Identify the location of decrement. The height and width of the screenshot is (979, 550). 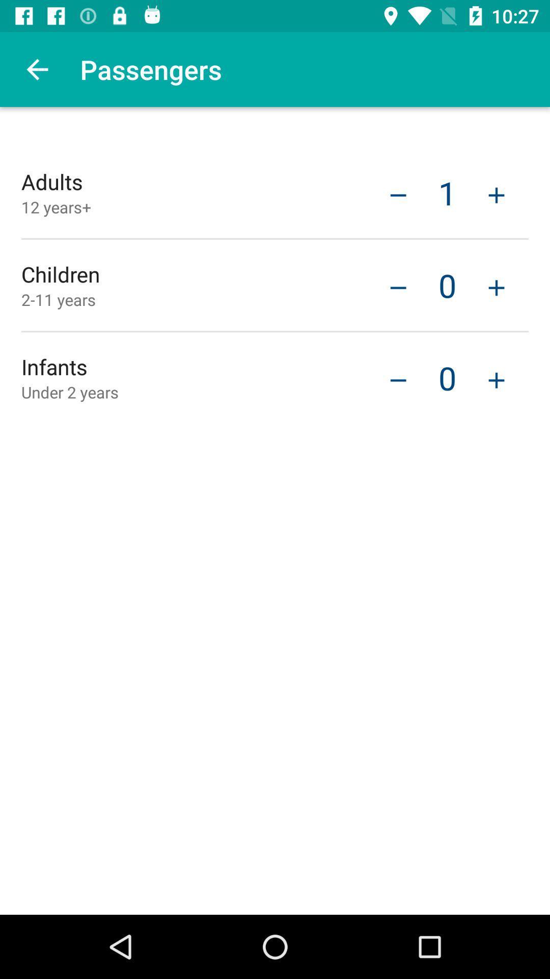
(398, 378).